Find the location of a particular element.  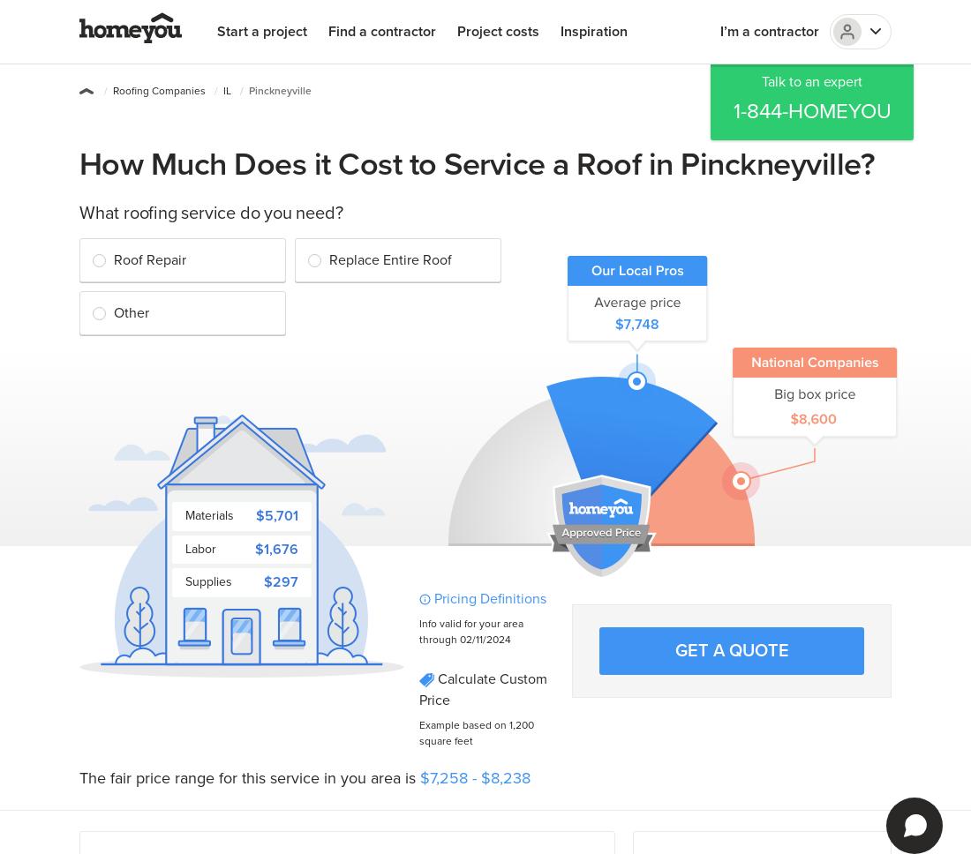

'Get a quote' is located at coordinates (674, 650).